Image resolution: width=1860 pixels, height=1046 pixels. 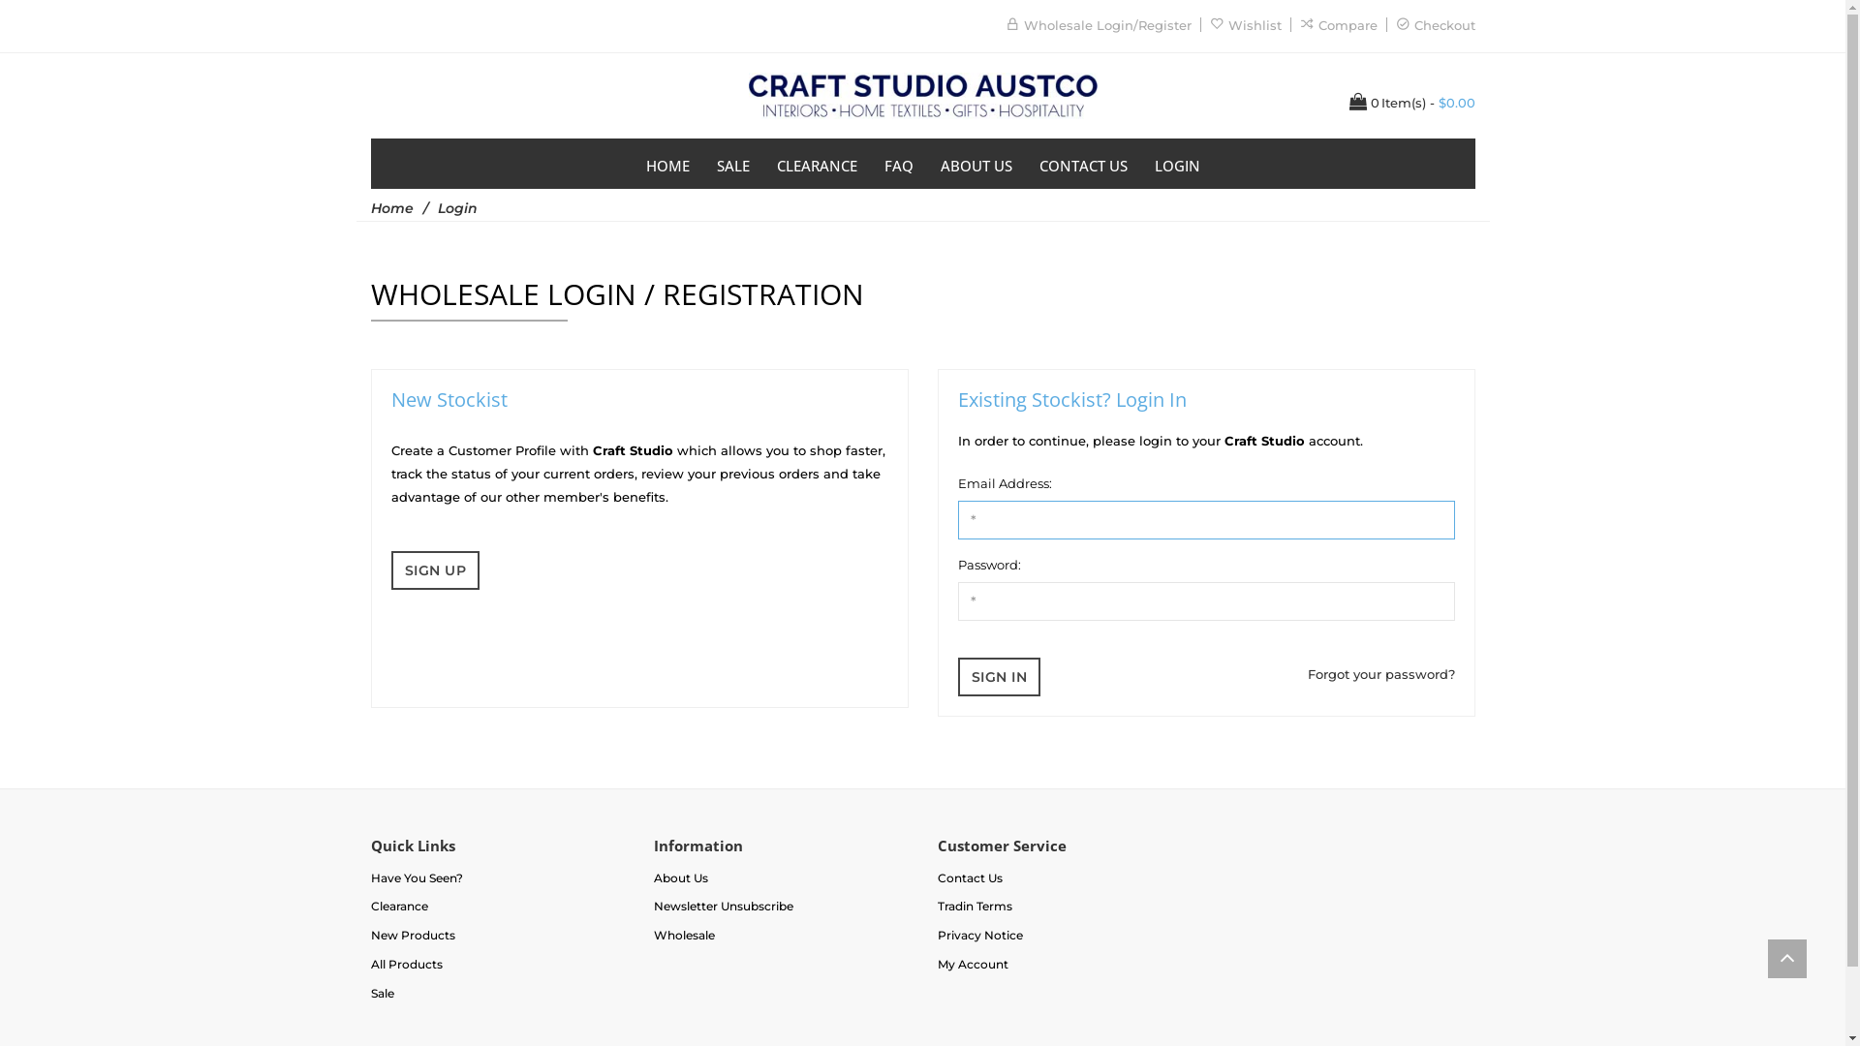 I want to click on 'Have You Seen?', so click(x=415, y=877).